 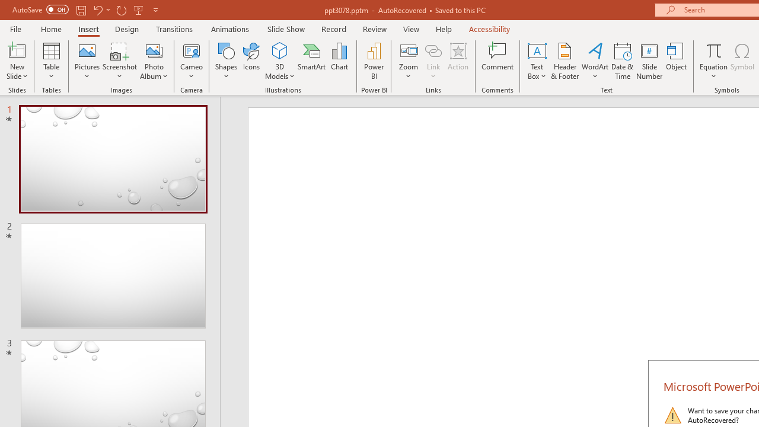 I want to click on 'Equation', so click(x=713, y=61).